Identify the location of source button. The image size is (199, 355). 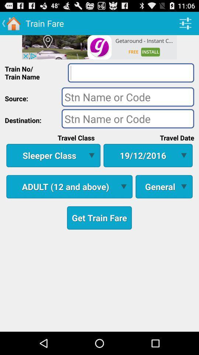
(128, 96).